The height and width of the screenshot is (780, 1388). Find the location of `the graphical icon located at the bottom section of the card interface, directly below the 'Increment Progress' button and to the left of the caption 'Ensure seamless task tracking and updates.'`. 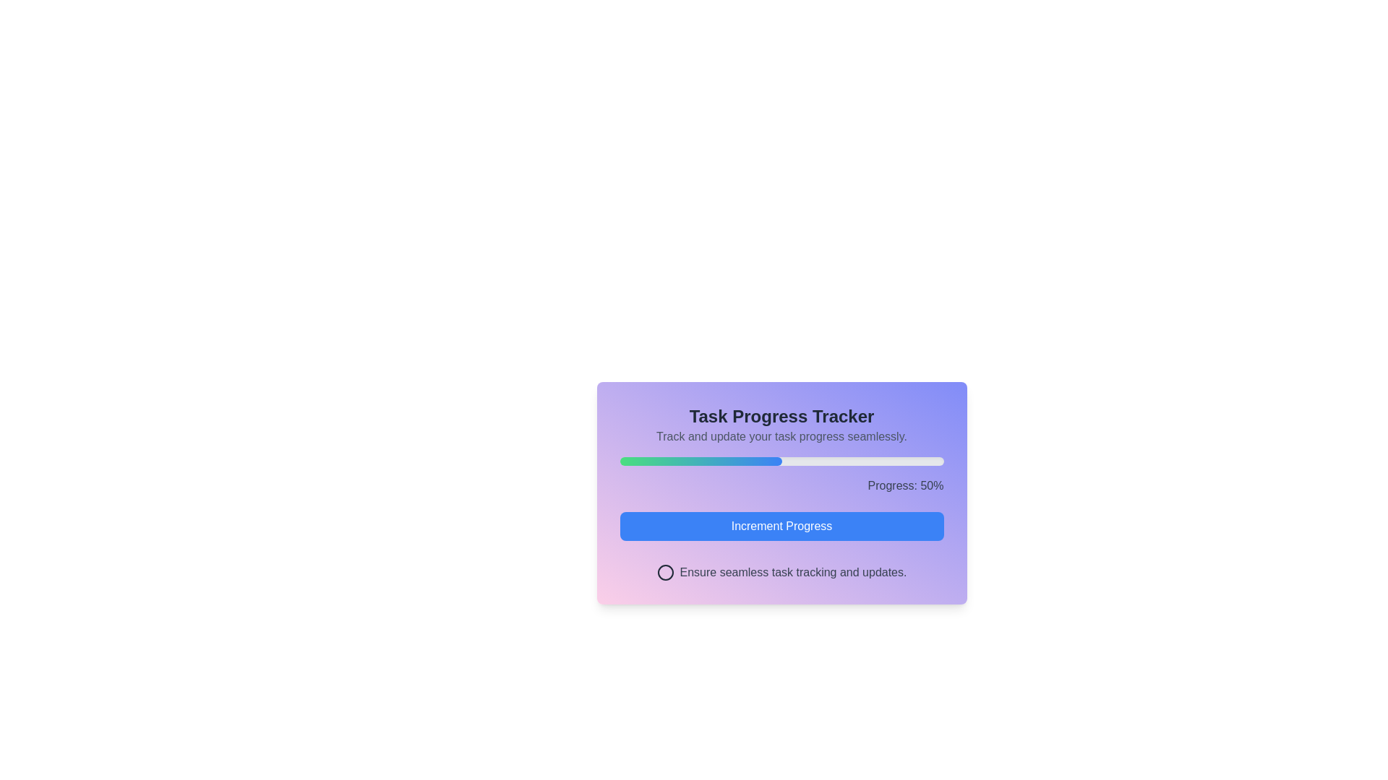

the graphical icon located at the bottom section of the card interface, directly below the 'Increment Progress' button and to the left of the caption 'Ensure seamless task tracking and updates.' is located at coordinates (664, 572).